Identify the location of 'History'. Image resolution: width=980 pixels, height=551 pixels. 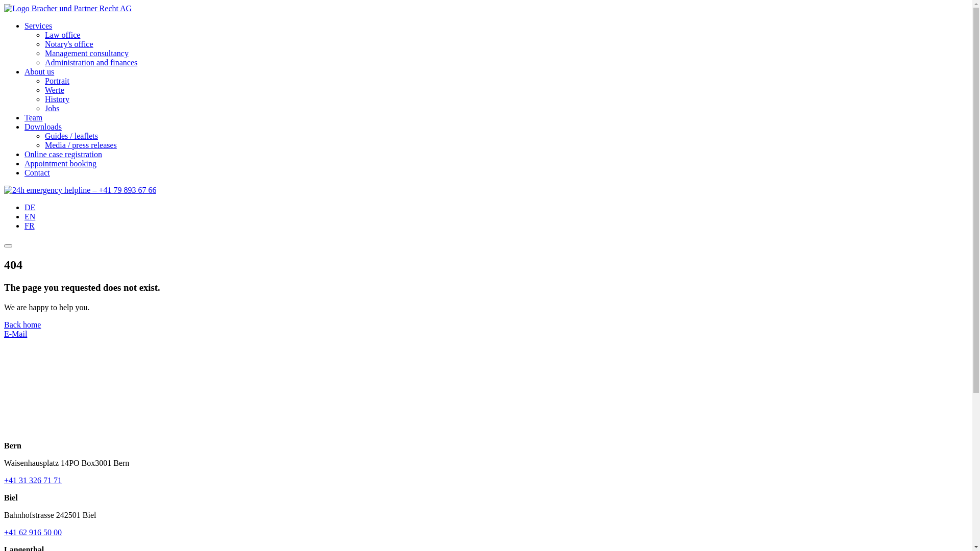
(56, 99).